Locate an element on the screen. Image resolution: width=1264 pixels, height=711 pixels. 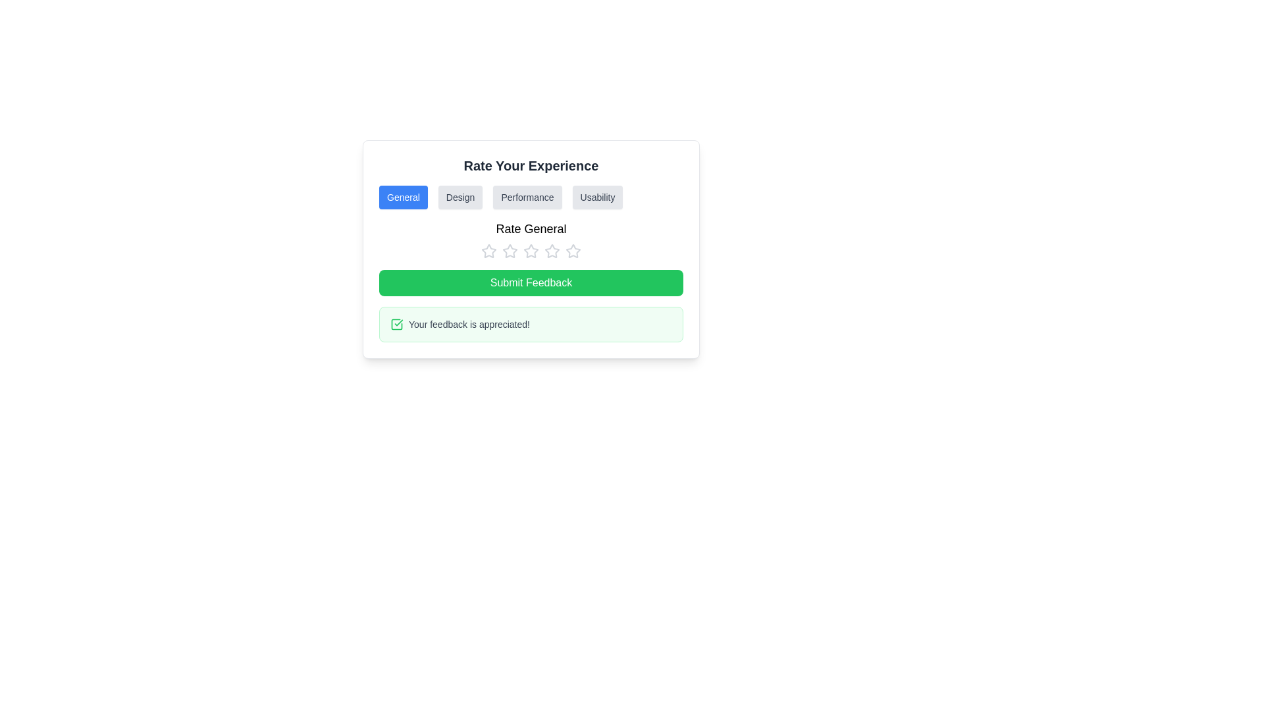
the third star icon in the rating sequence is located at coordinates (552, 251).